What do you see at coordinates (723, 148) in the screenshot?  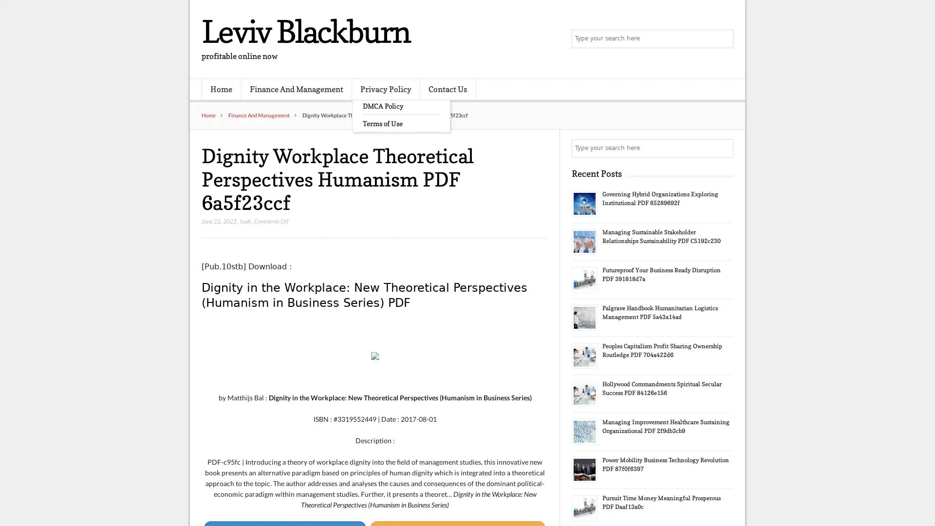 I see `Search` at bounding box center [723, 148].